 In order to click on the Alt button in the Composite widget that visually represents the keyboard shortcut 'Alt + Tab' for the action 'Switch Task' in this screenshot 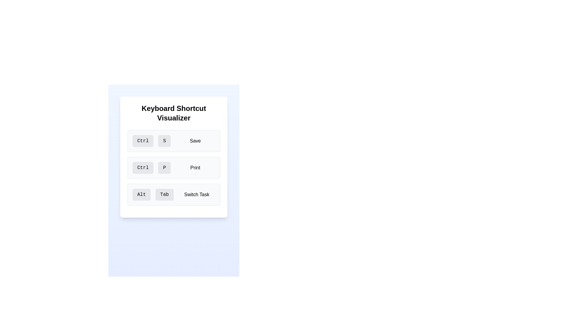, I will do `click(173, 194)`.